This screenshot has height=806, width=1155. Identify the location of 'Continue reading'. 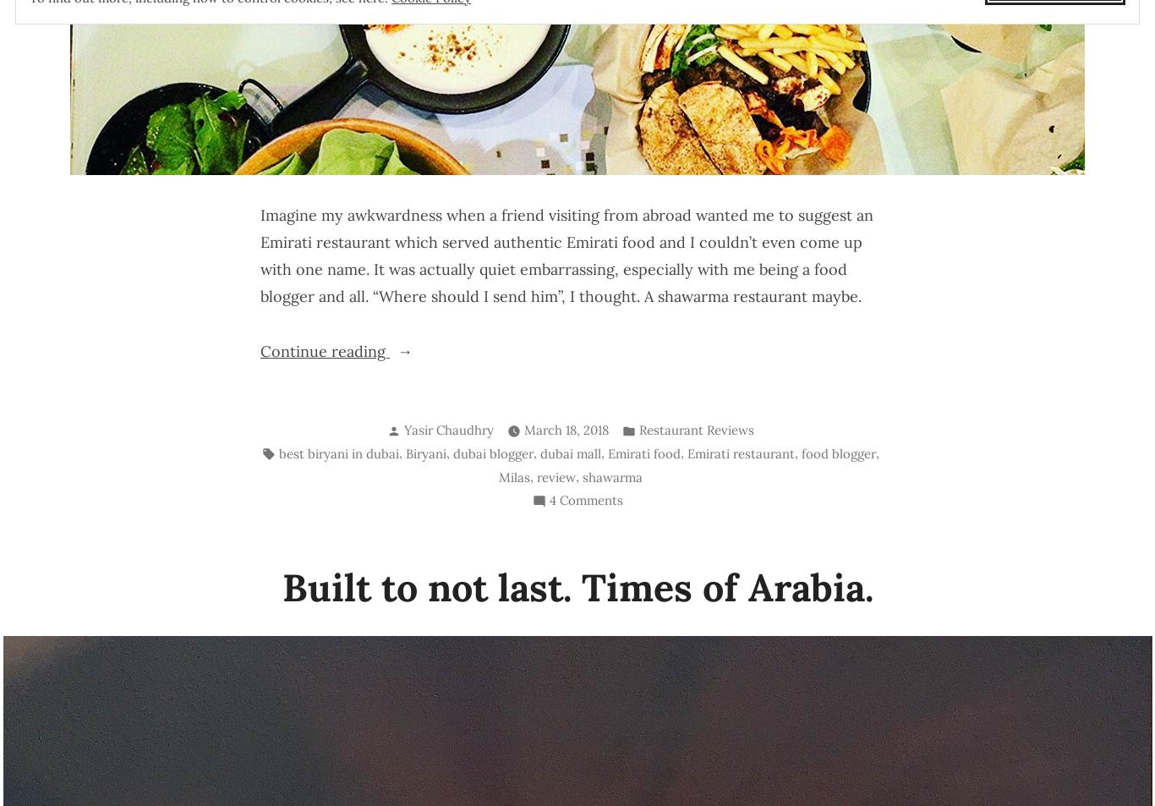
(324, 349).